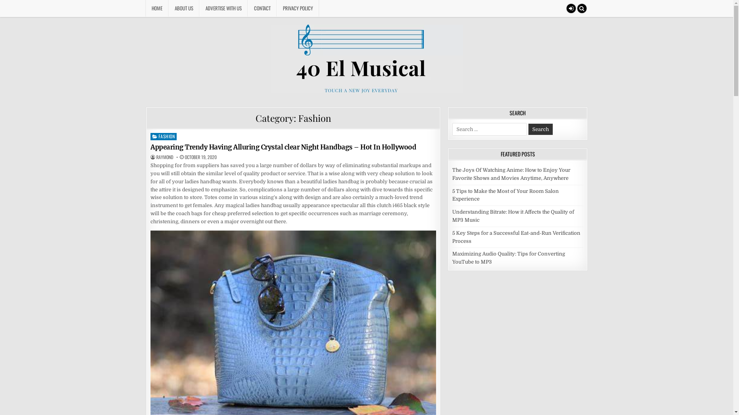 This screenshot has width=739, height=415. I want to click on 'Search', so click(582, 8).